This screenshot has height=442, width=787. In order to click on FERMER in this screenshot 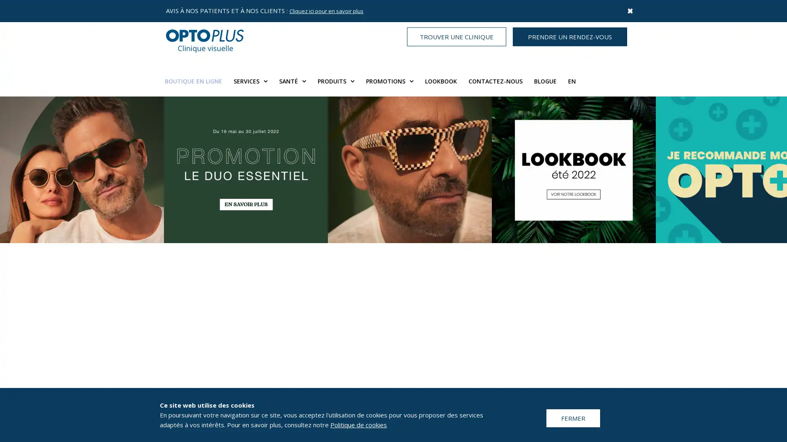, I will do `click(573, 418)`.